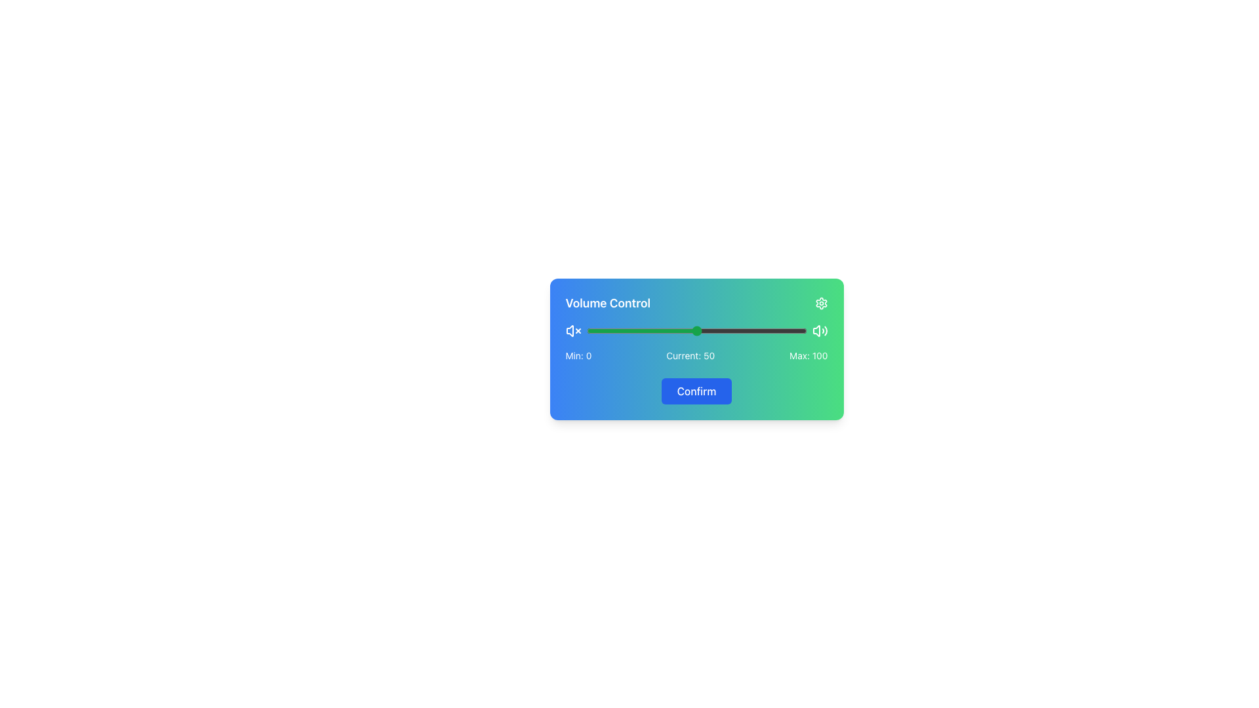 This screenshot has width=1259, height=708. Describe the element at coordinates (711, 330) in the screenshot. I see `the volume slider` at that location.